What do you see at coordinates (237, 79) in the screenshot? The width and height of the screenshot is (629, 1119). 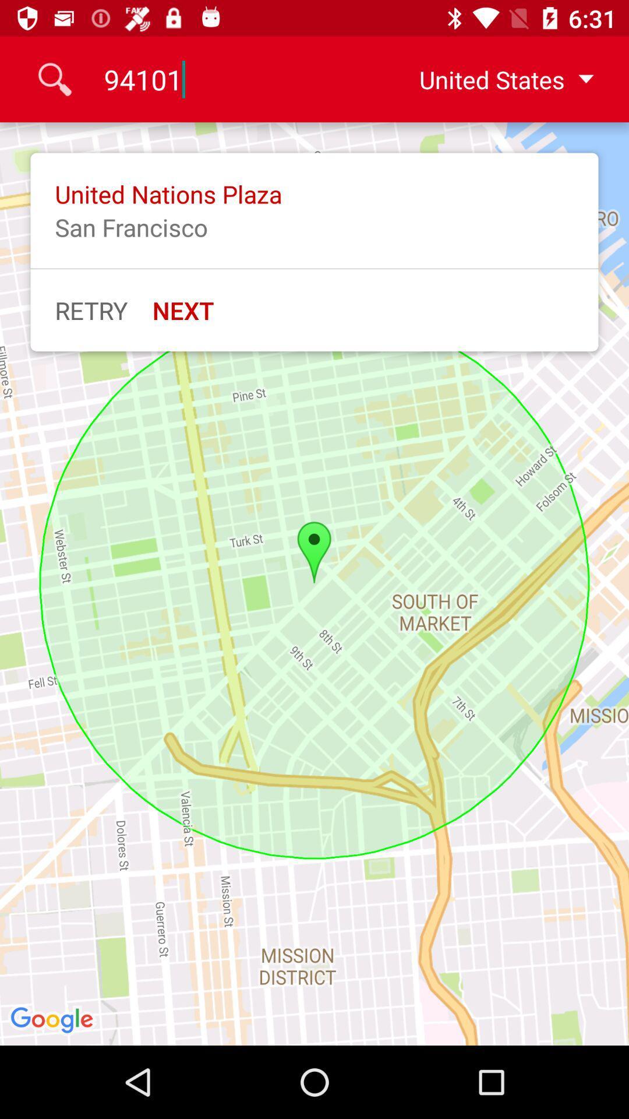 I see `the 94101` at bounding box center [237, 79].